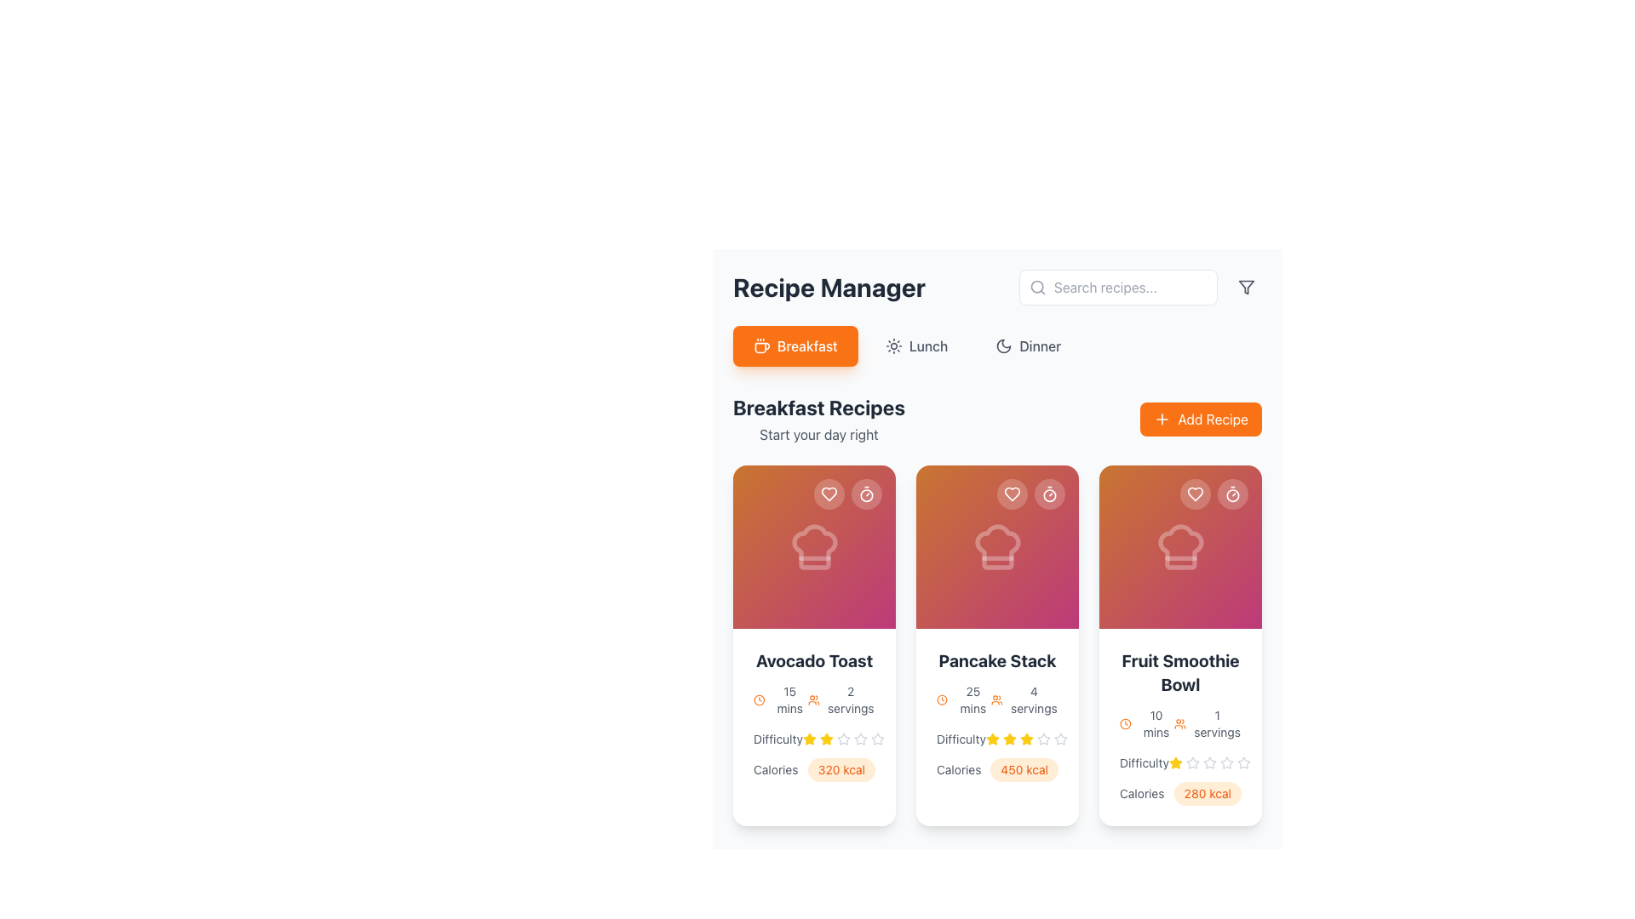  What do you see at coordinates (959, 770) in the screenshot?
I see `text label displaying 'Calories' which is styled in gray color and positioned left-aligned under the title 'Pancake Stack' in the middle content card` at bounding box center [959, 770].